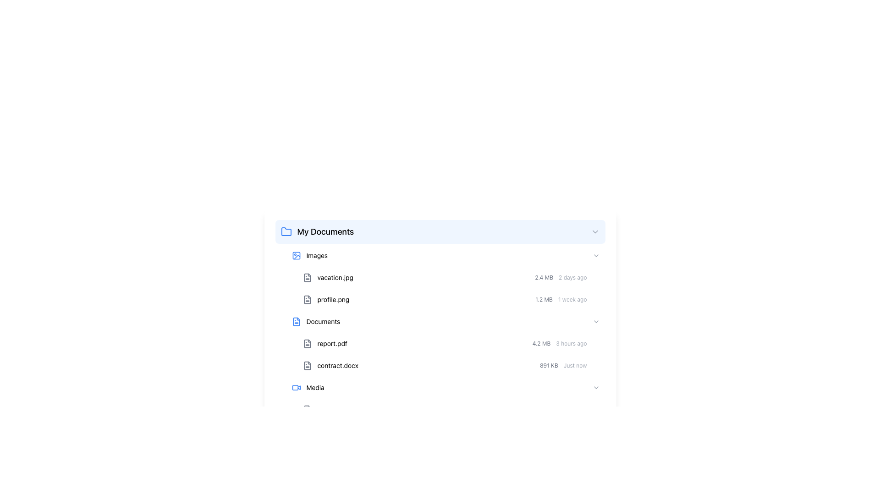 This screenshot has width=880, height=495. I want to click on the right-facing chevron icon near the right edge of the 'Documents' row, so click(596, 321).